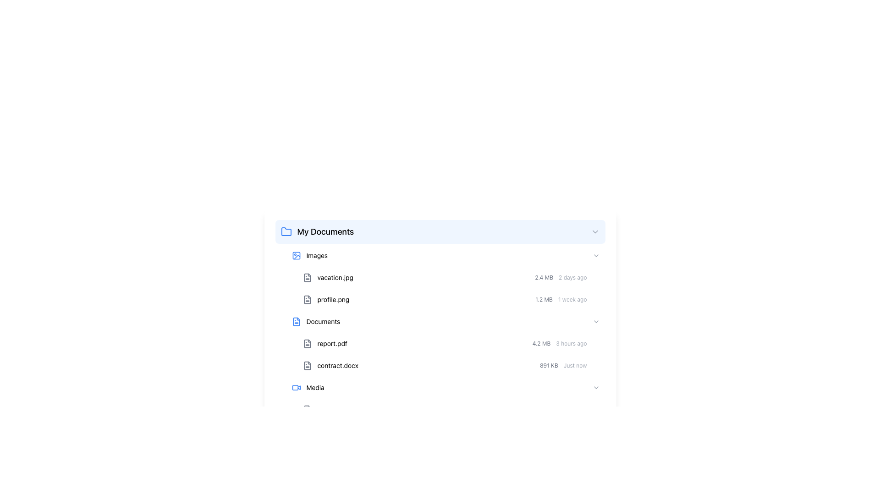 This screenshot has width=880, height=495. I want to click on the right-facing chevron icon near the right edge of the 'Documents' row, so click(596, 321).